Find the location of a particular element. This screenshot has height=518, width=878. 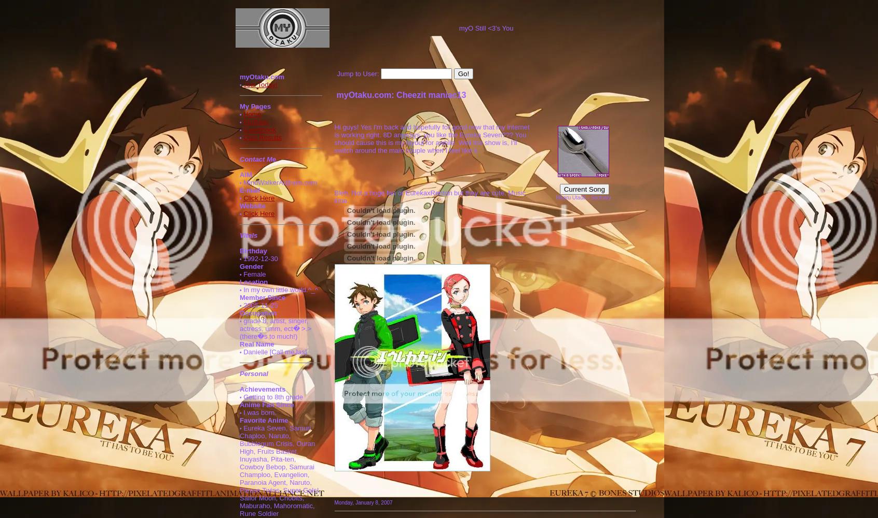

'Gender' is located at coordinates (251, 266).